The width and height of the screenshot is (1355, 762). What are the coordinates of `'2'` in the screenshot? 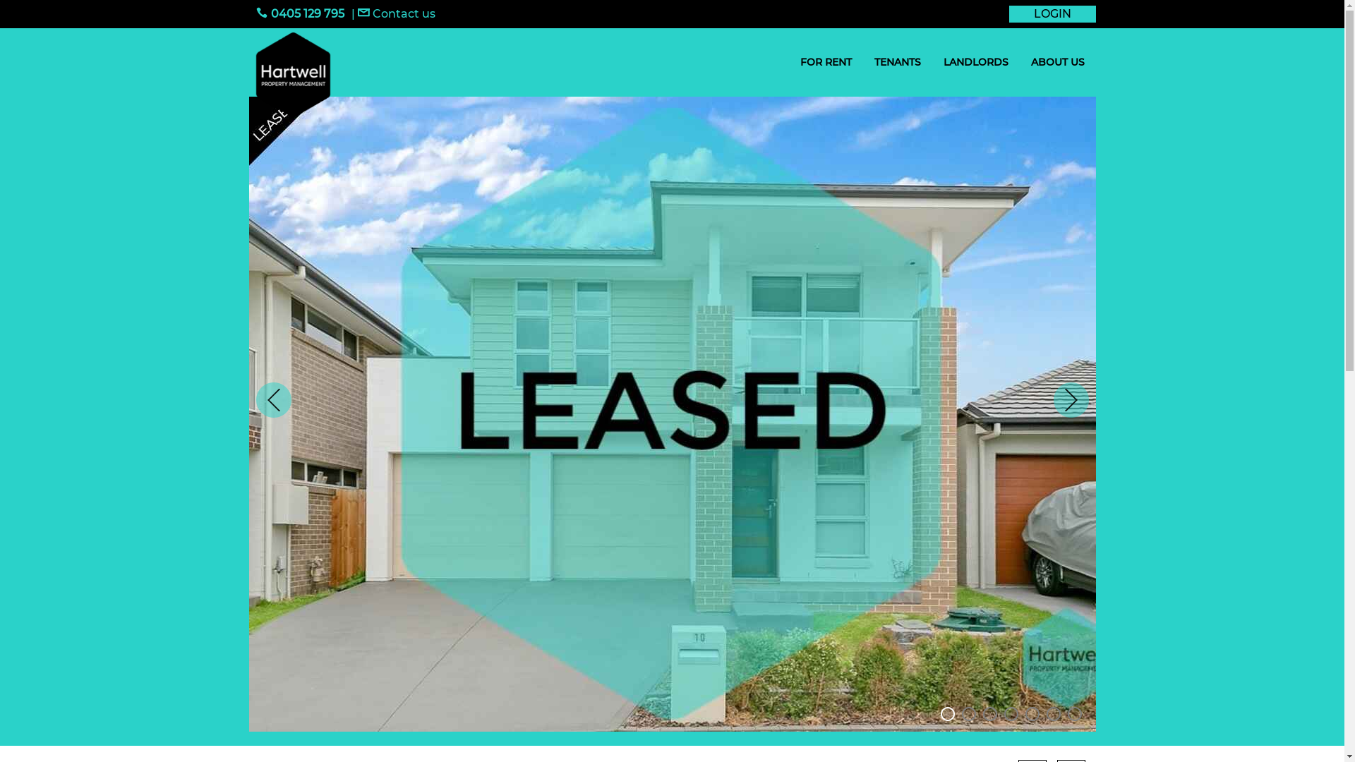 It's located at (960, 713).